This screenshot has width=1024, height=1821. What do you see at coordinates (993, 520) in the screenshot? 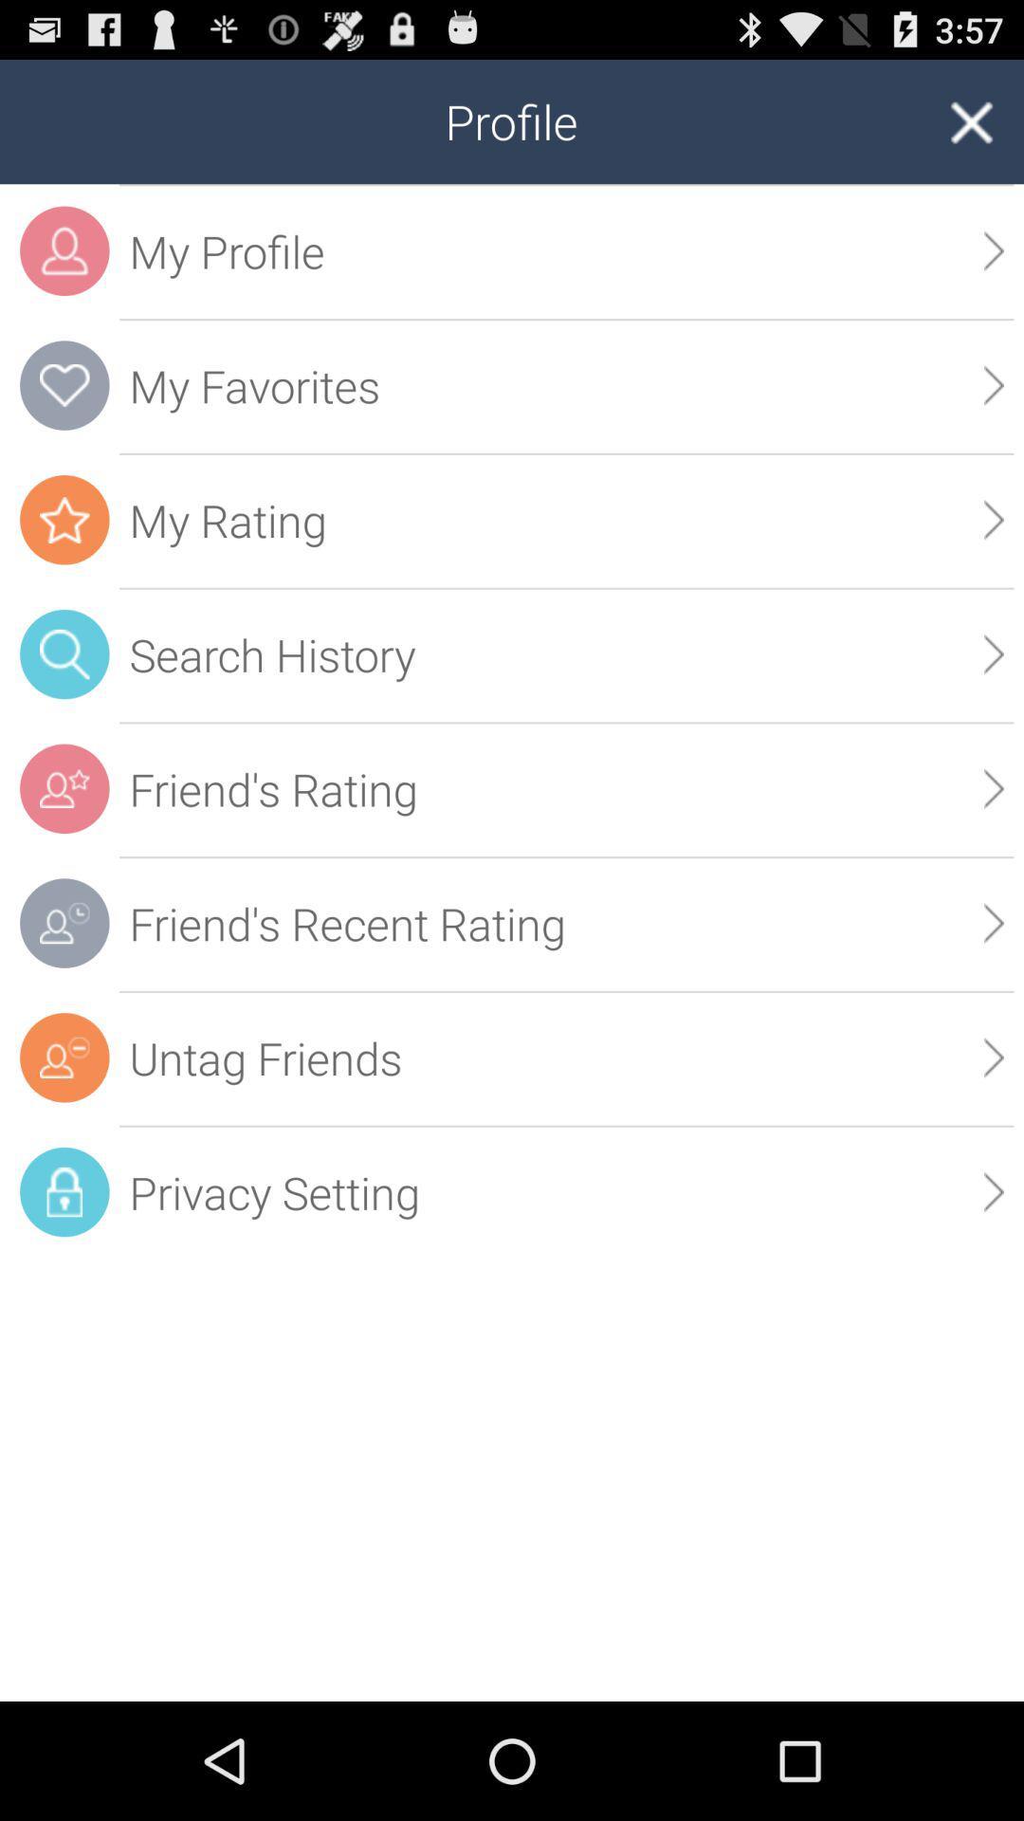
I see `the app below the my favorites app` at bounding box center [993, 520].